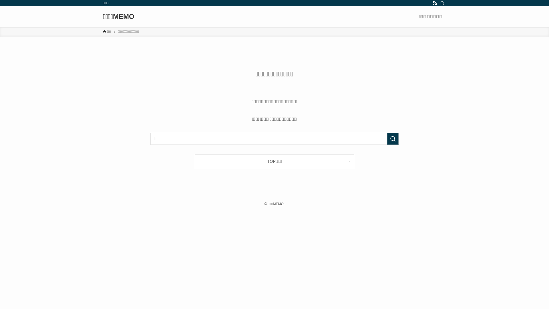 The image size is (549, 309). Describe the element at coordinates (392, 139) in the screenshot. I see `'search'` at that location.